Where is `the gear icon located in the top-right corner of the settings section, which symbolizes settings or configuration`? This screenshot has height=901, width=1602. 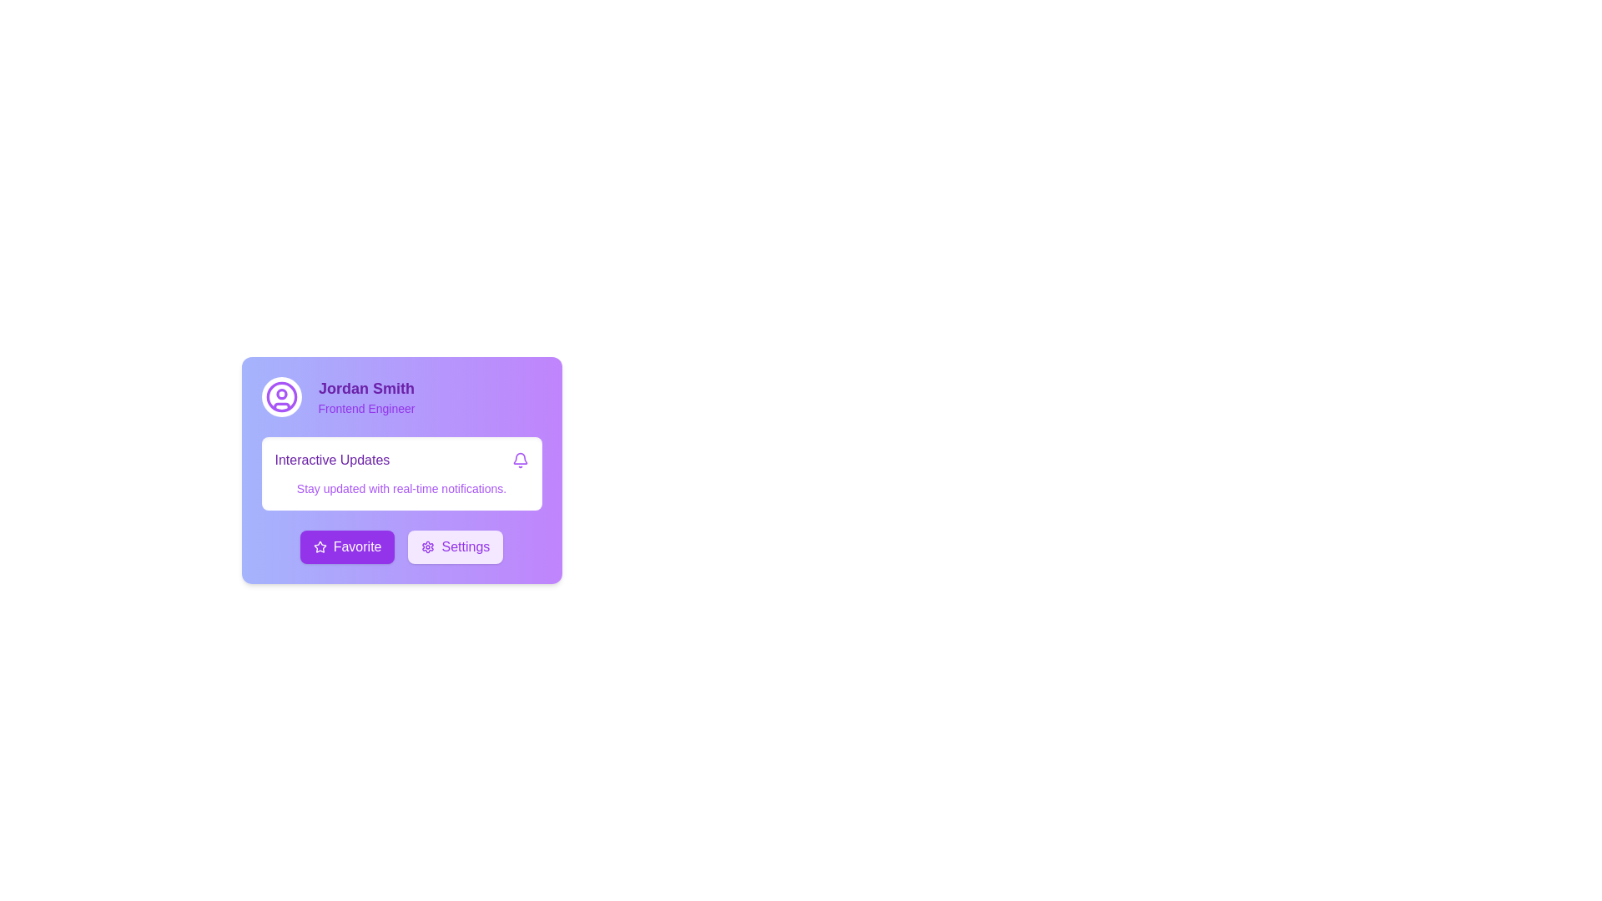
the gear icon located in the top-right corner of the settings section, which symbolizes settings or configuration is located at coordinates (428, 546).